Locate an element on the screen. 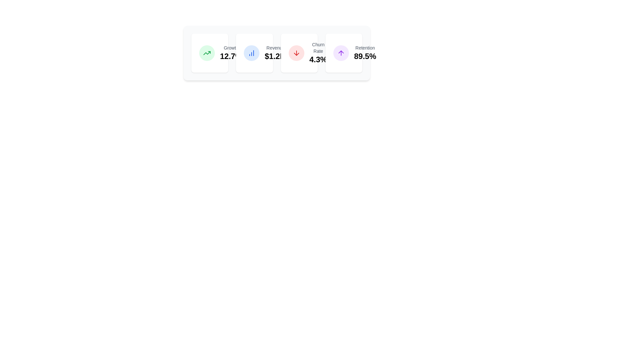  the first icon within the third card from the left in the 'Churn Rate' section is located at coordinates (296, 52).